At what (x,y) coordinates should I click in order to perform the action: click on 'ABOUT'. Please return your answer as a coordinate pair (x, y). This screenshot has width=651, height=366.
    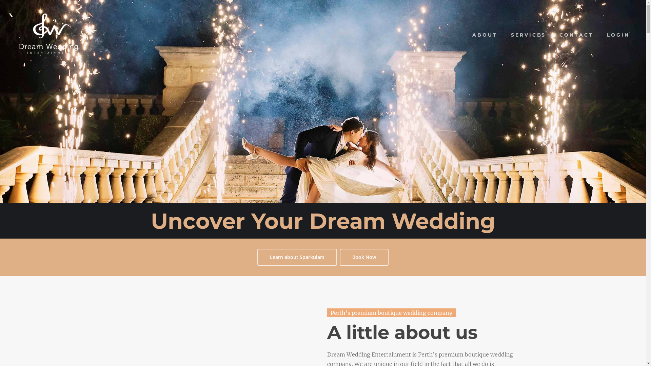
    Looking at the image, I should click on (485, 35).